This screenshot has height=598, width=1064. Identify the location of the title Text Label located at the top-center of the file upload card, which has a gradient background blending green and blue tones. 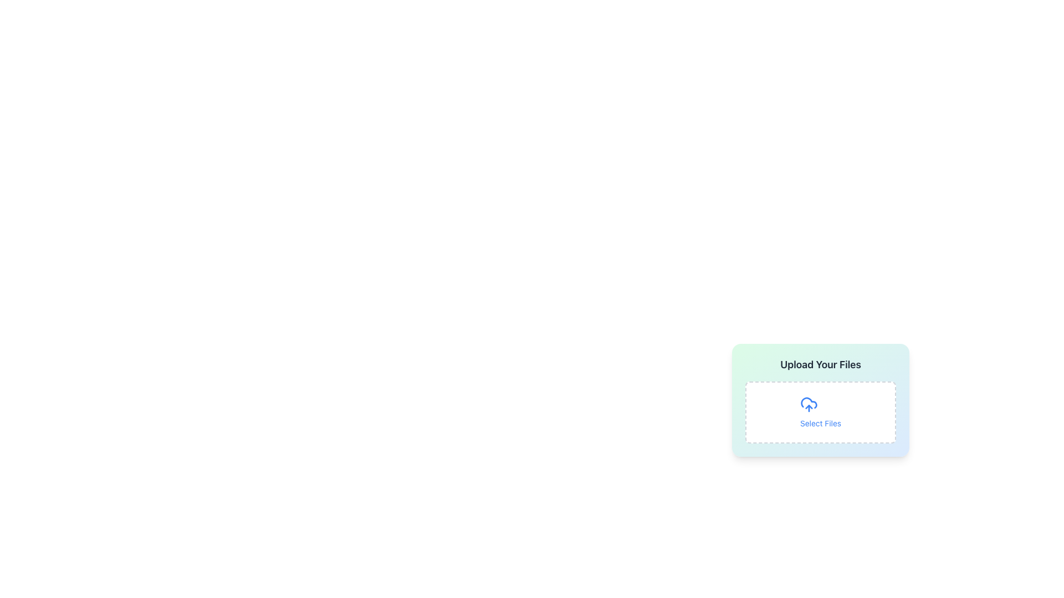
(821, 365).